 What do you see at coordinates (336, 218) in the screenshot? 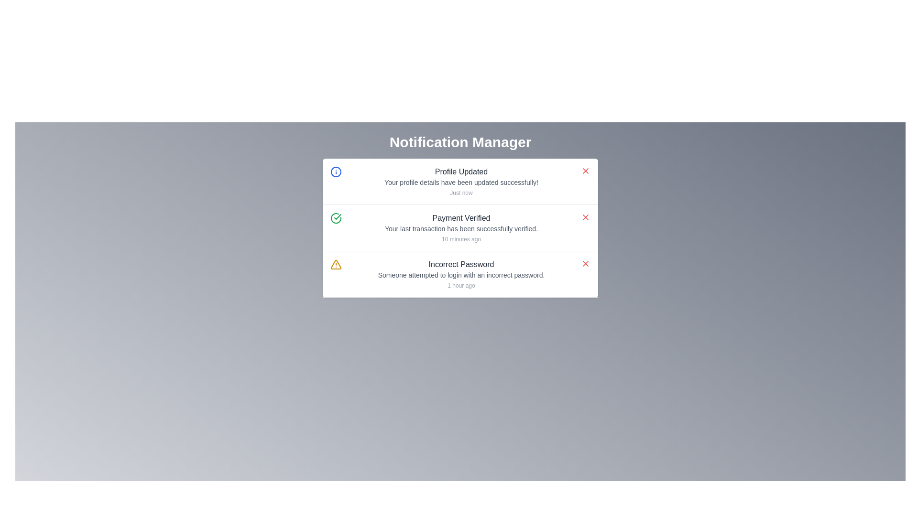
I see `the circular icon with a green outline and a check mark in the center, located in the second notification card under 'Notification Manager' to the left of 'Payment Verified'` at bounding box center [336, 218].